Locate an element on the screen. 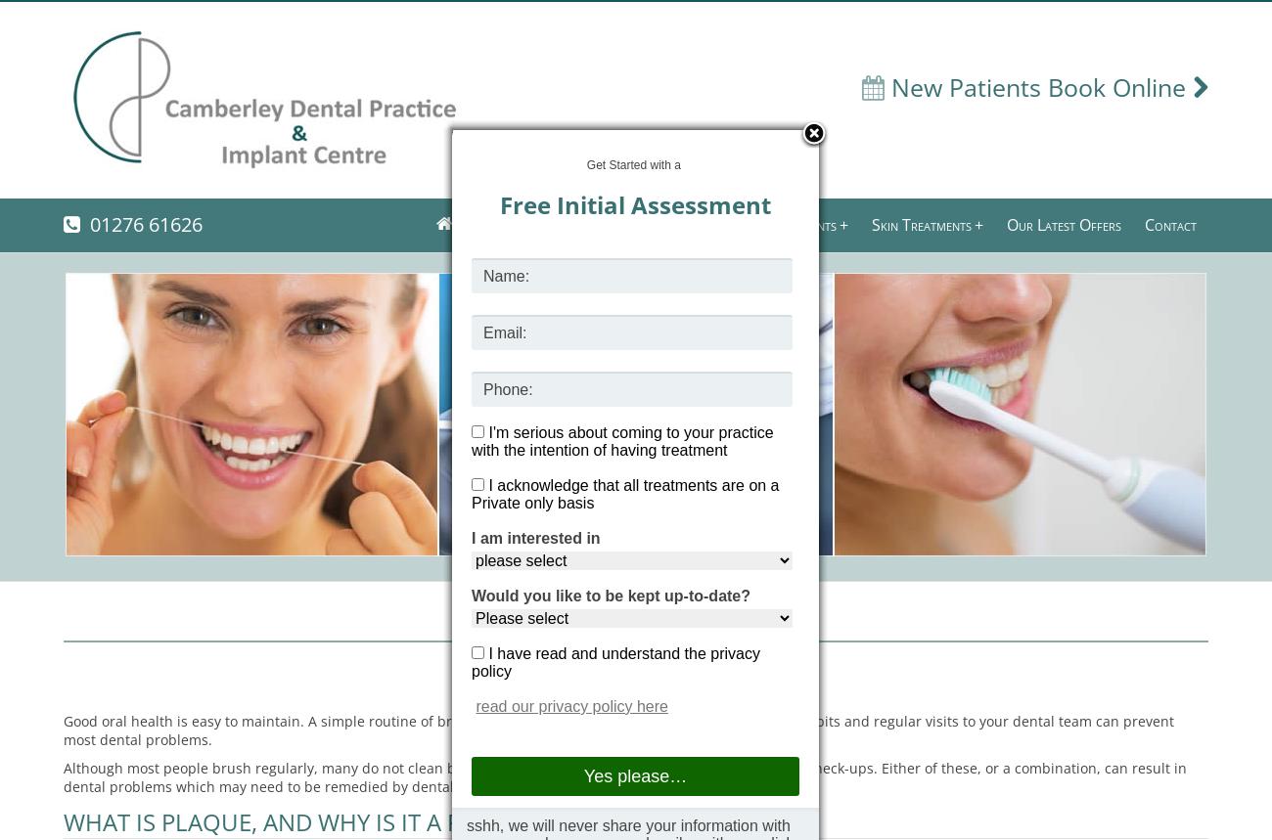  'I acknowledge that all treatments are on a Private only basis' is located at coordinates (624, 494).